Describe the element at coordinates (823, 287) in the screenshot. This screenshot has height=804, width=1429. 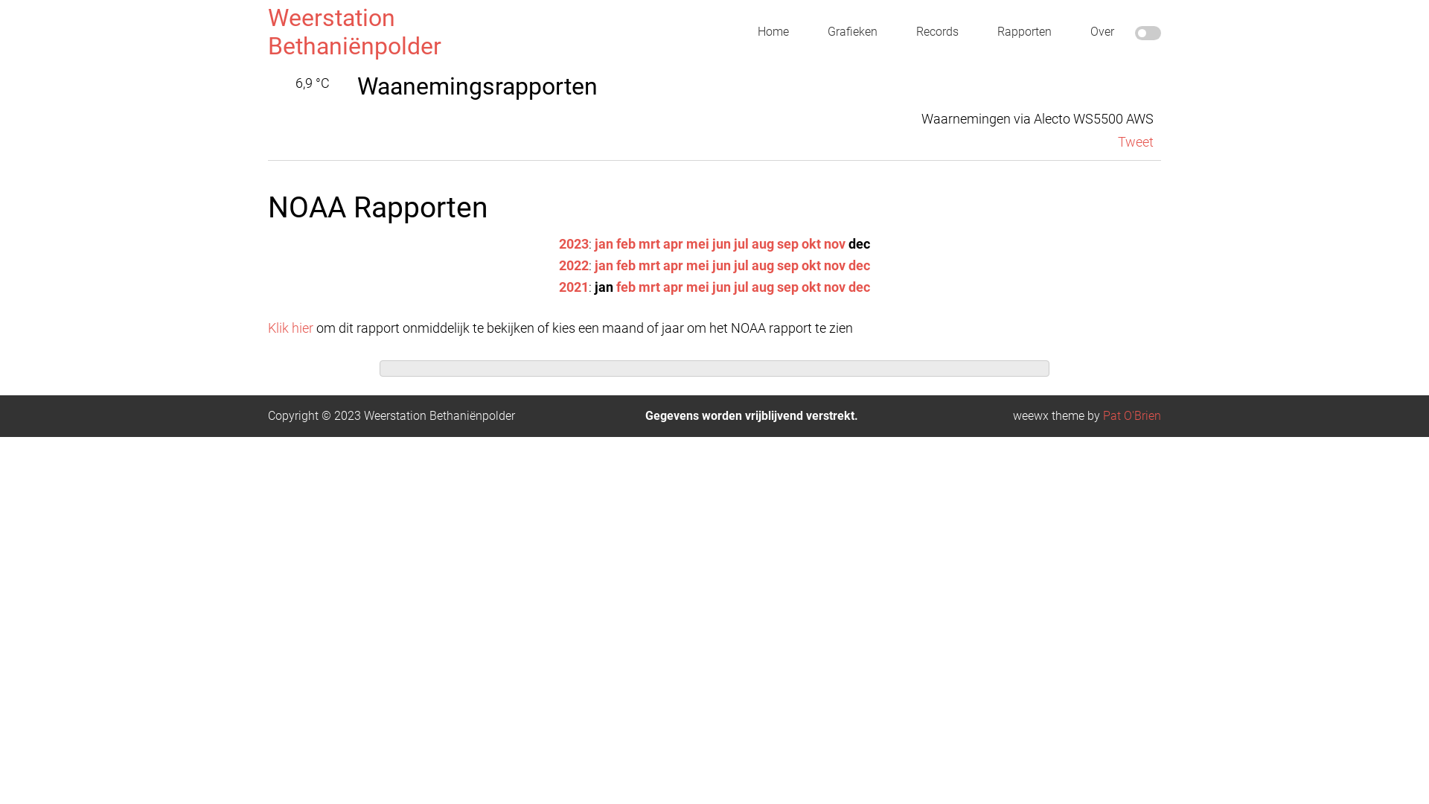
I see `'nov'` at that location.